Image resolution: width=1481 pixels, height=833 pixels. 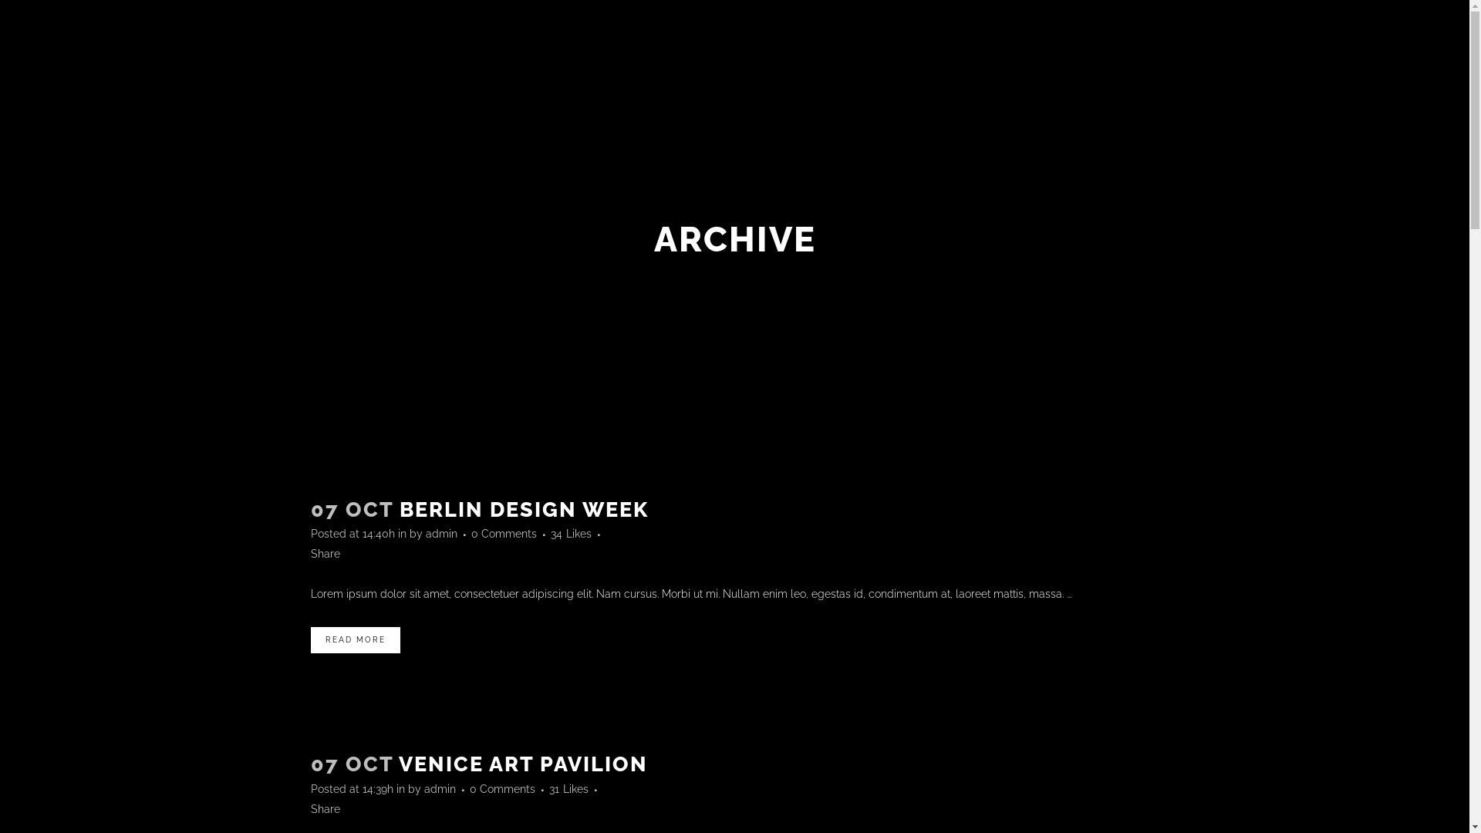 What do you see at coordinates (324, 552) in the screenshot?
I see `'Share'` at bounding box center [324, 552].